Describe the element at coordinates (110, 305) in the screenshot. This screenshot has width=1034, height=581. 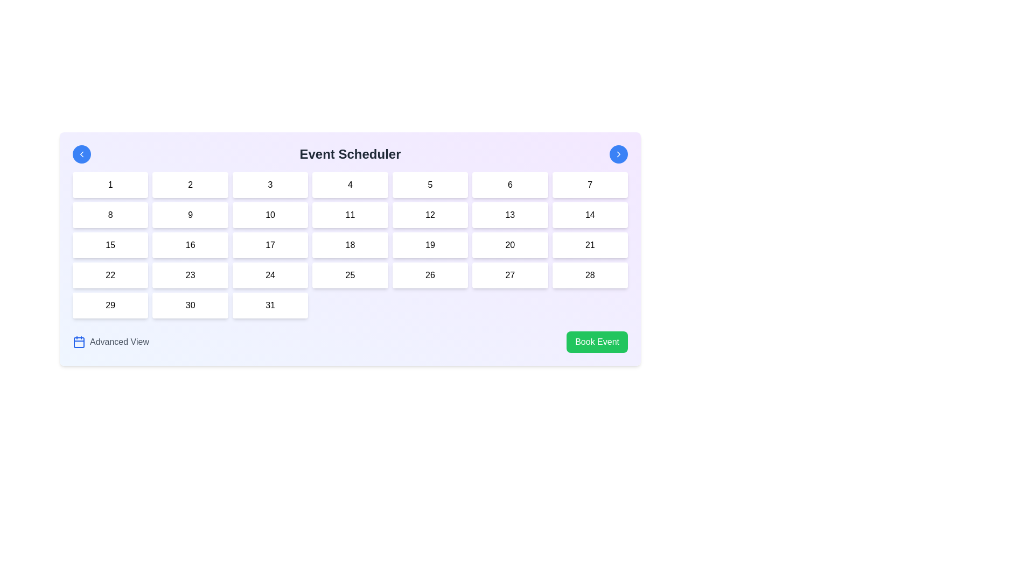
I see `the rectangular button with a white background and the bold number '29' centered within` at that location.